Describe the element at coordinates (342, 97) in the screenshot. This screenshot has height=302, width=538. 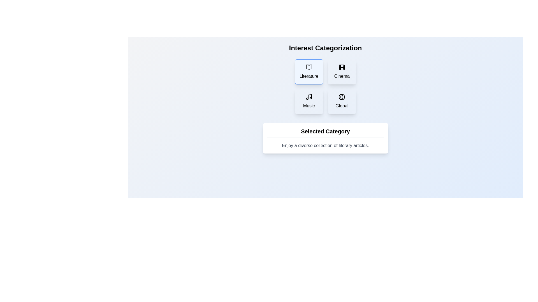
I see `the globe icon located in the bottom-right box of the 'Interest Categorization' grid, which is labeled 'Global'` at that location.